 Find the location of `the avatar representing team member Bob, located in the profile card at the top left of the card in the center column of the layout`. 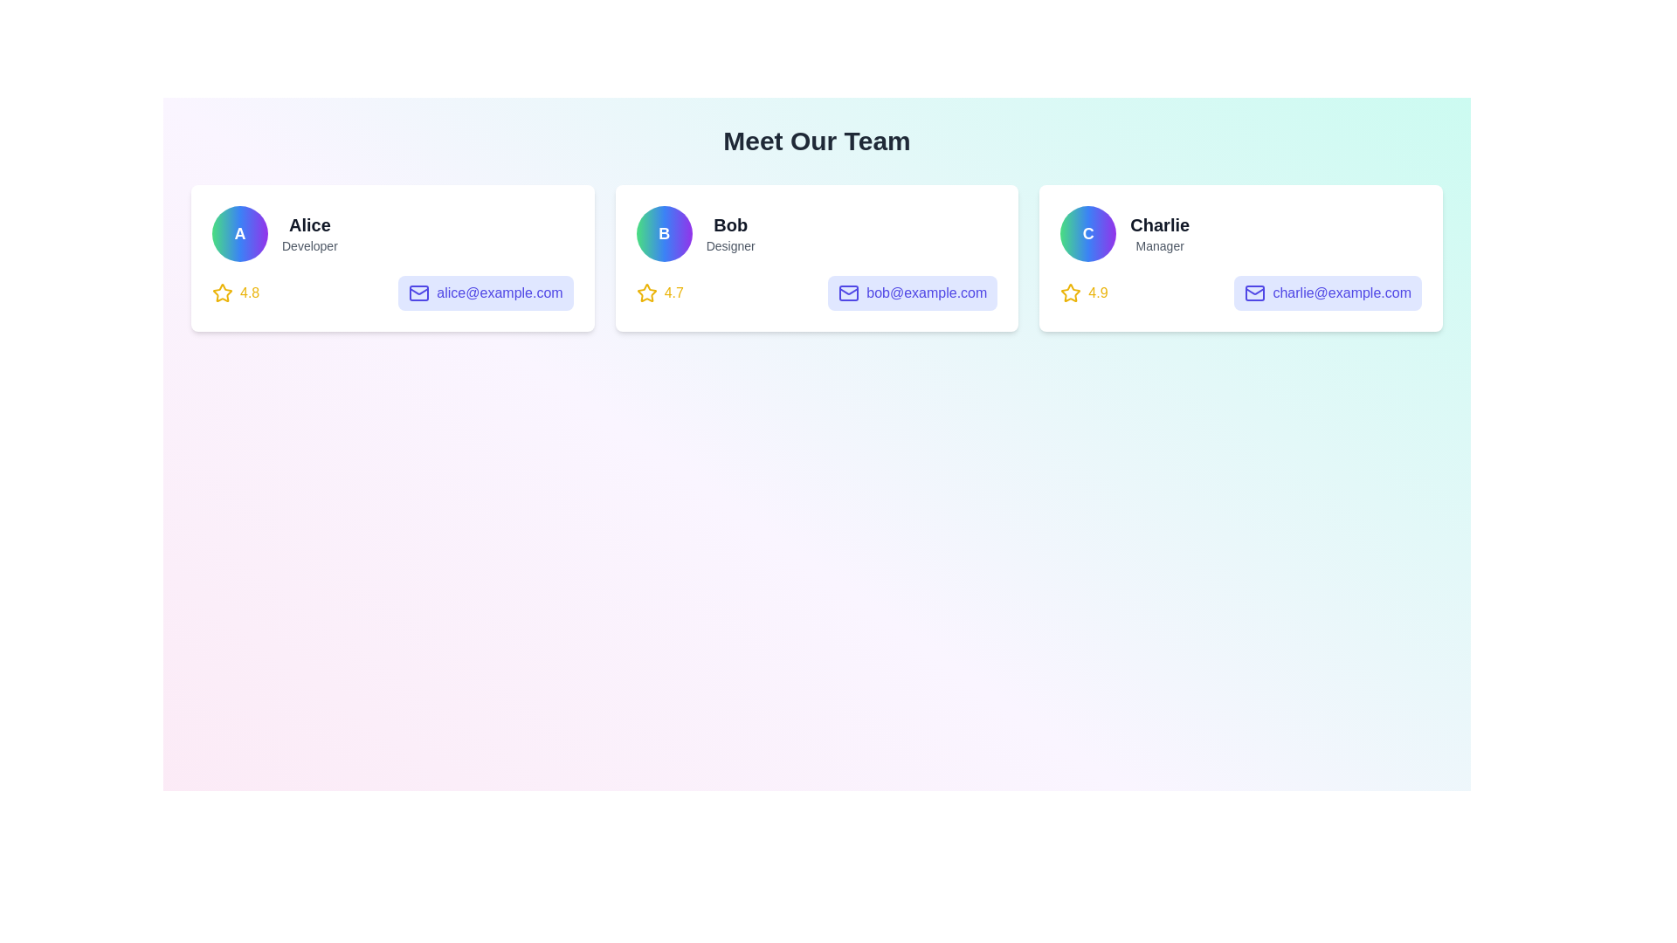

the avatar representing team member Bob, located in the profile card at the top left of the card in the center column of the layout is located at coordinates (663, 232).